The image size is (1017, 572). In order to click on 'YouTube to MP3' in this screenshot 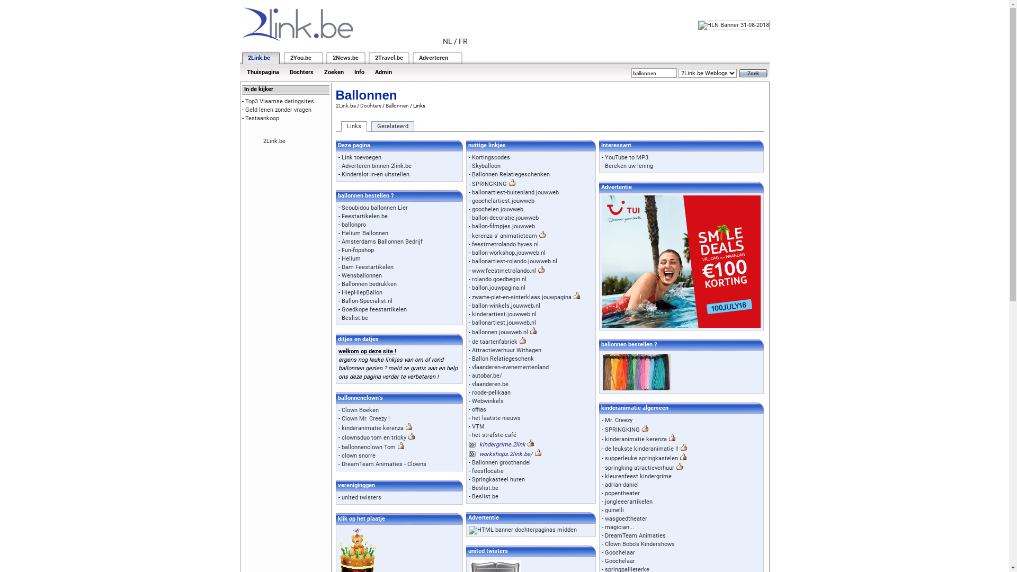, I will do `click(626, 157)`.